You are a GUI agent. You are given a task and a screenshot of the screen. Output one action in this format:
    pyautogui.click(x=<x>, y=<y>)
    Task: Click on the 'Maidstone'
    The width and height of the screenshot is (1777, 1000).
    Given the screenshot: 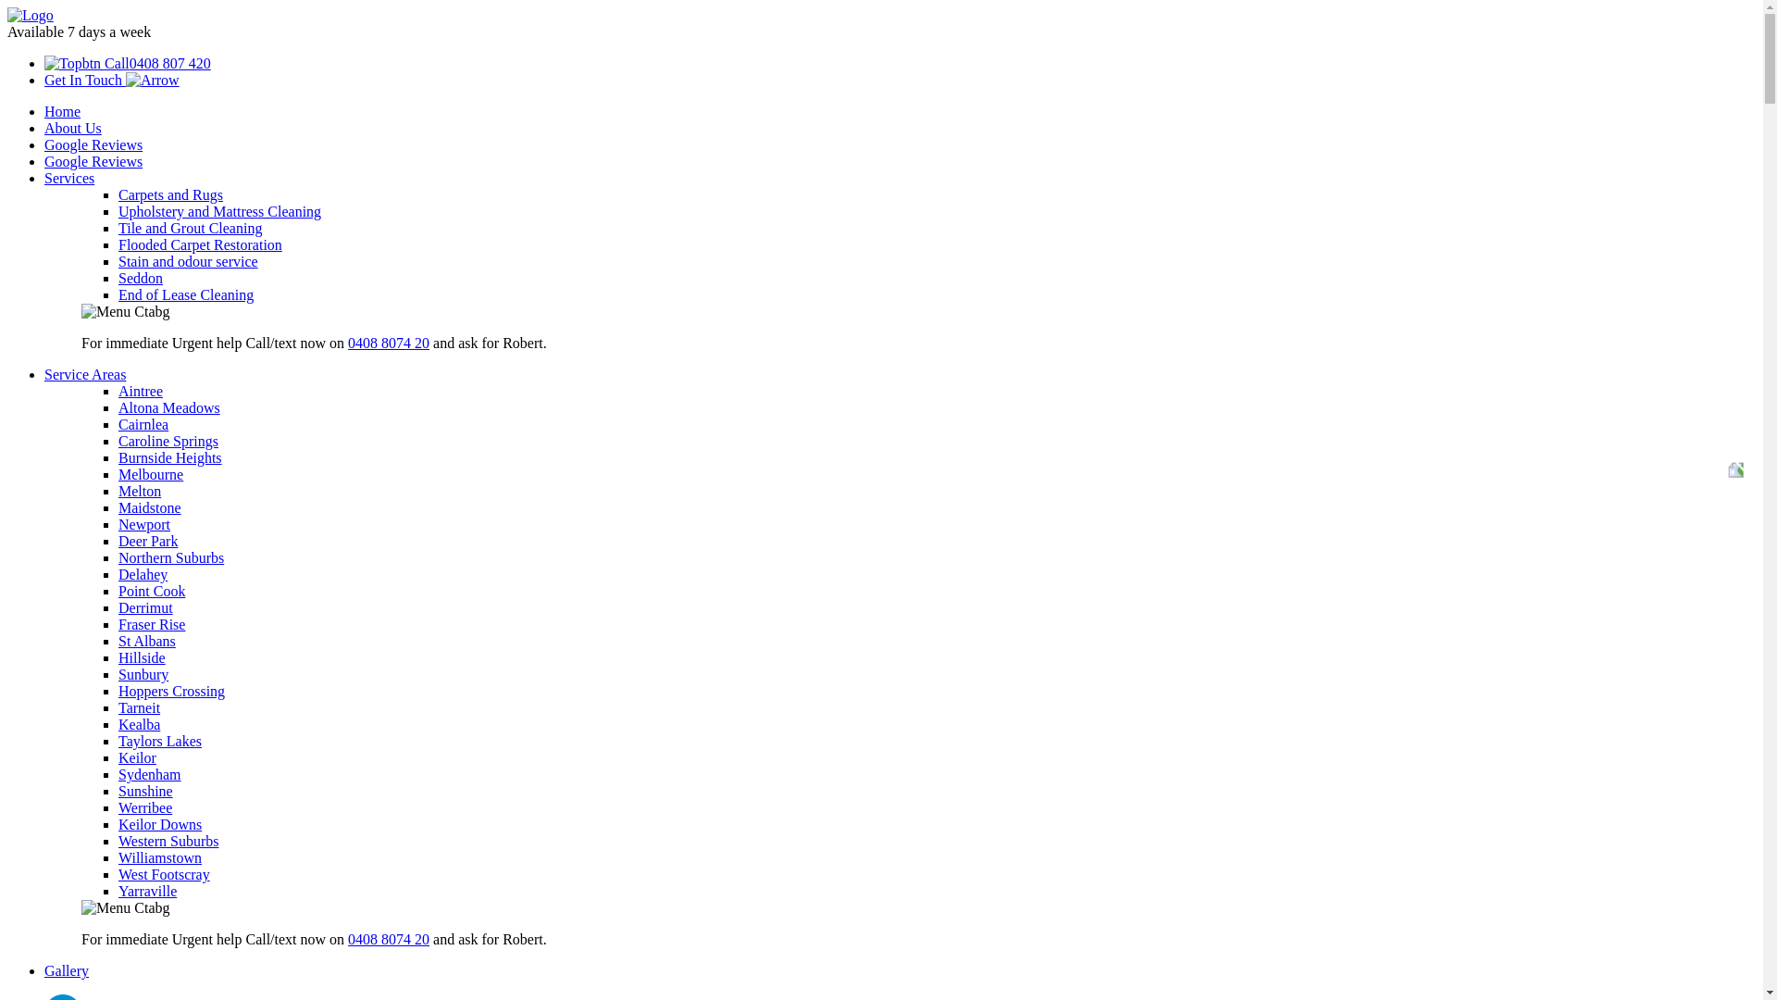 What is the action you would take?
    pyautogui.click(x=150, y=507)
    